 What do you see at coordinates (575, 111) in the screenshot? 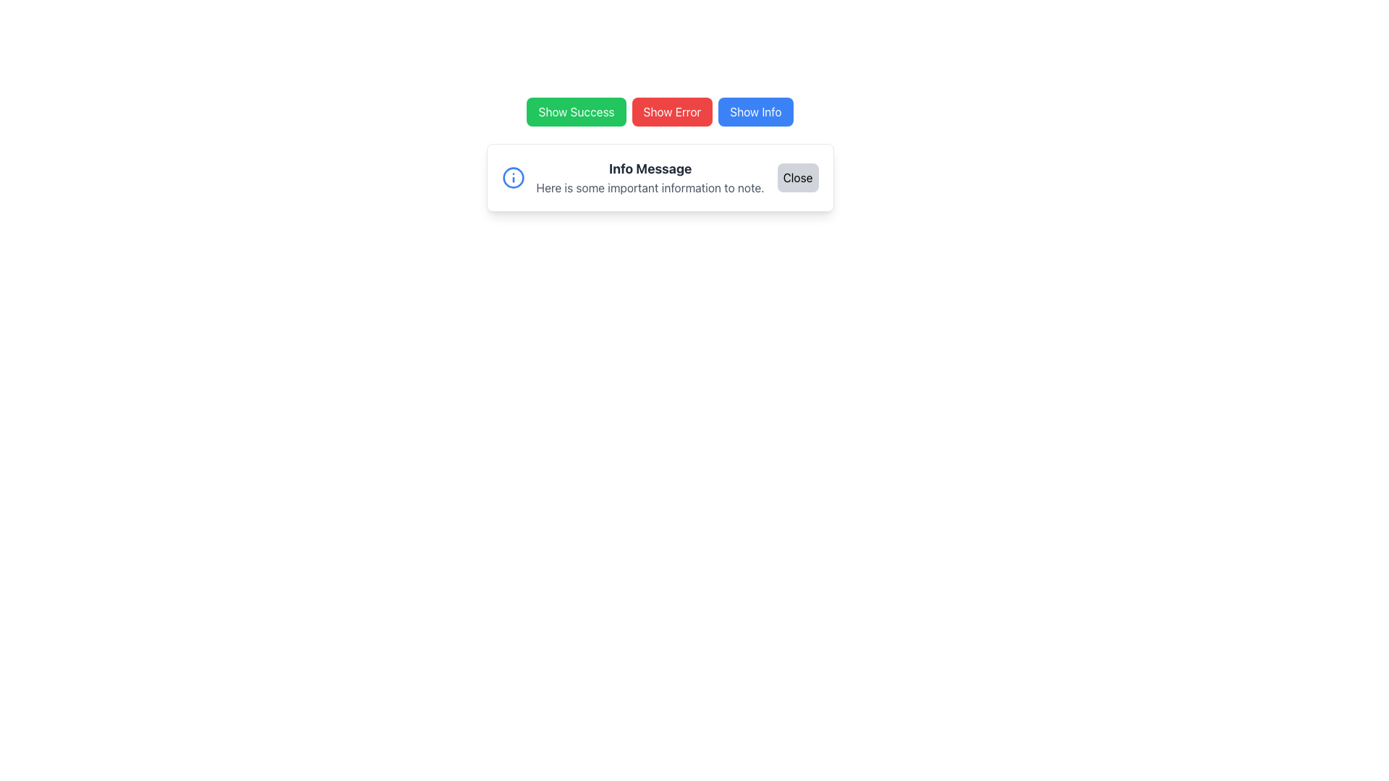
I see `the first button in the horizontal arrangement` at bounding box center [575, 111].